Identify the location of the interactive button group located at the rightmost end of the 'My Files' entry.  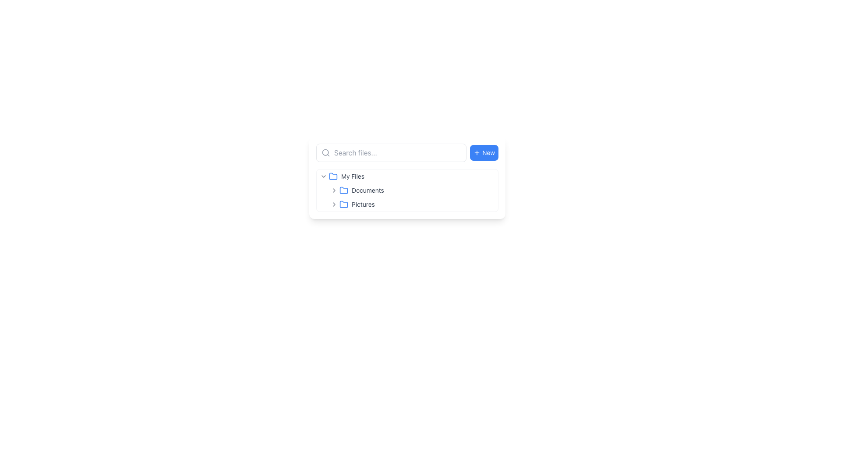
(485, 176).